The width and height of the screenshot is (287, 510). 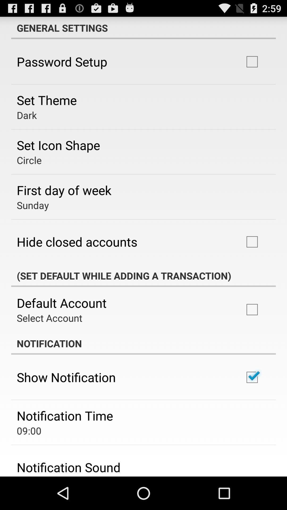 What do you see at coordinates (77, 241) in the screenshot?
I see `item above set default while app` at bounding box center [77, 241].